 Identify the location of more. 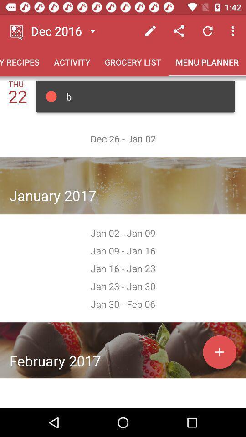
(219, 351).